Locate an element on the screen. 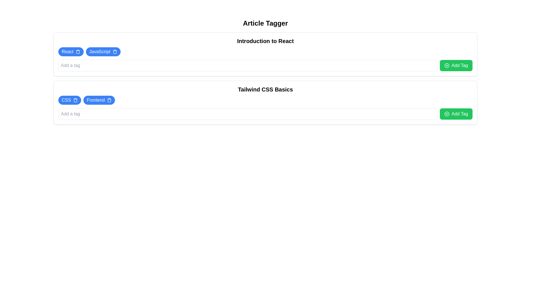 The width and height of the screenshot is (541, 304). the icon-based button adjacent to the 'Frontend' label is located at coordinates (109, 100).